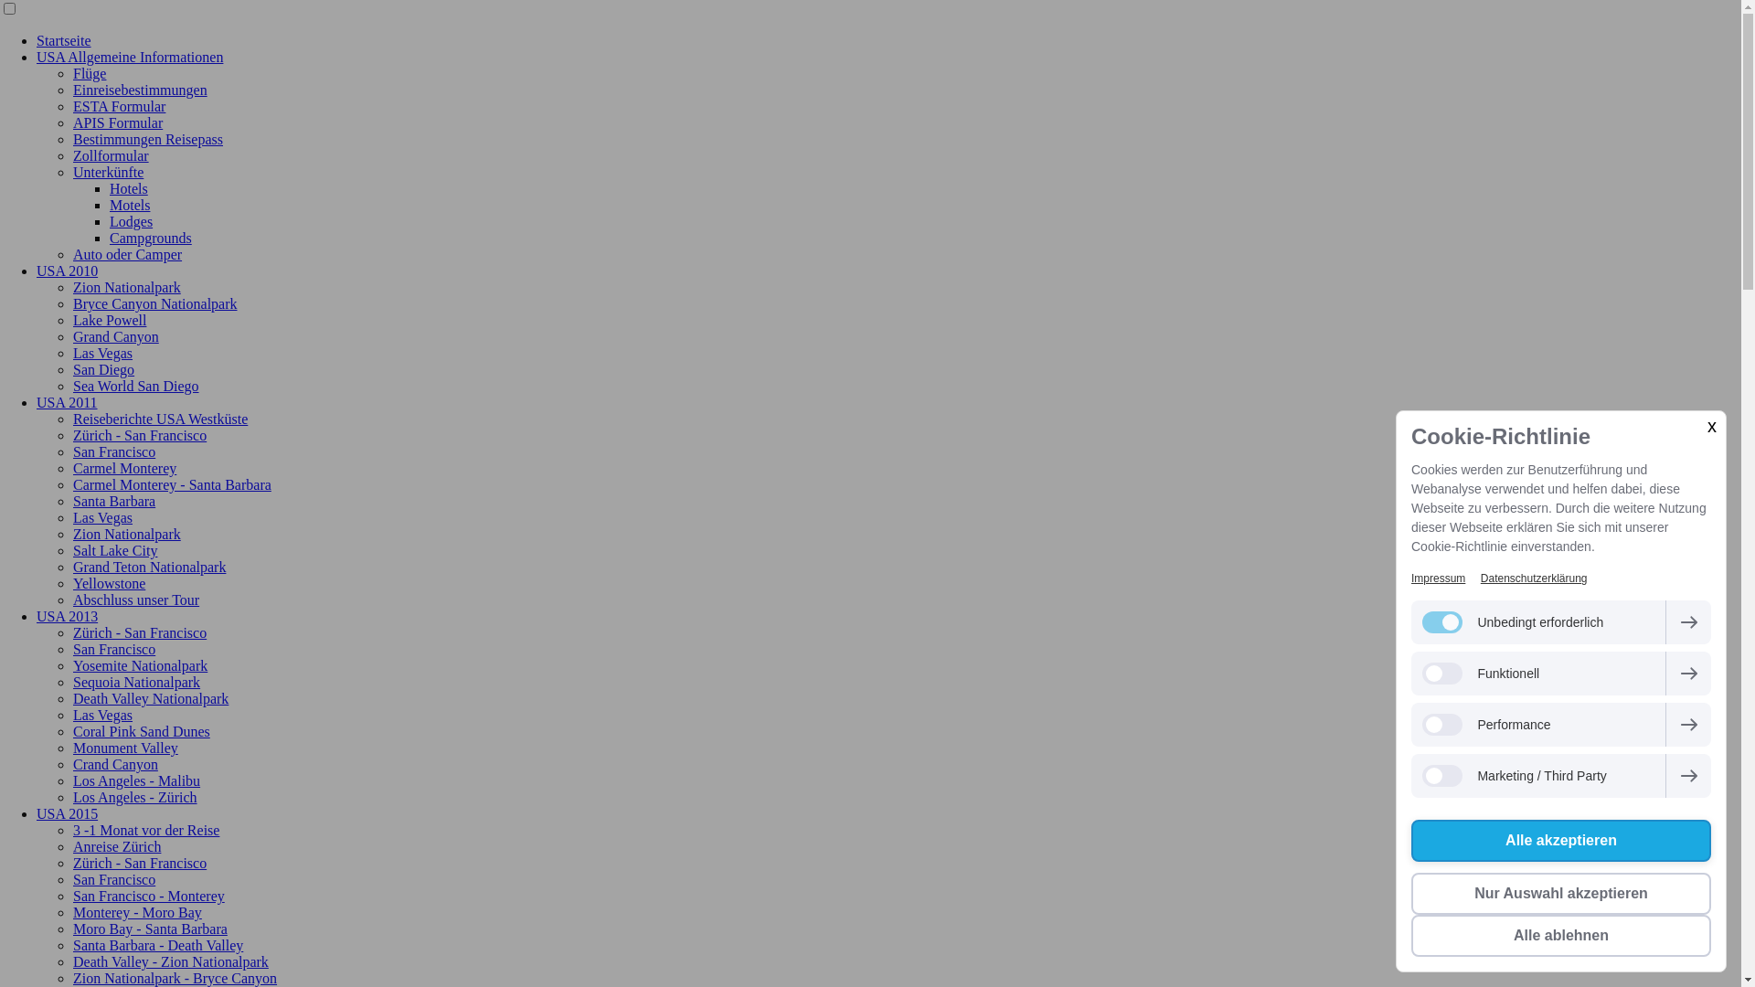  I want to click on 'Campgrounds', so click(150, 237).